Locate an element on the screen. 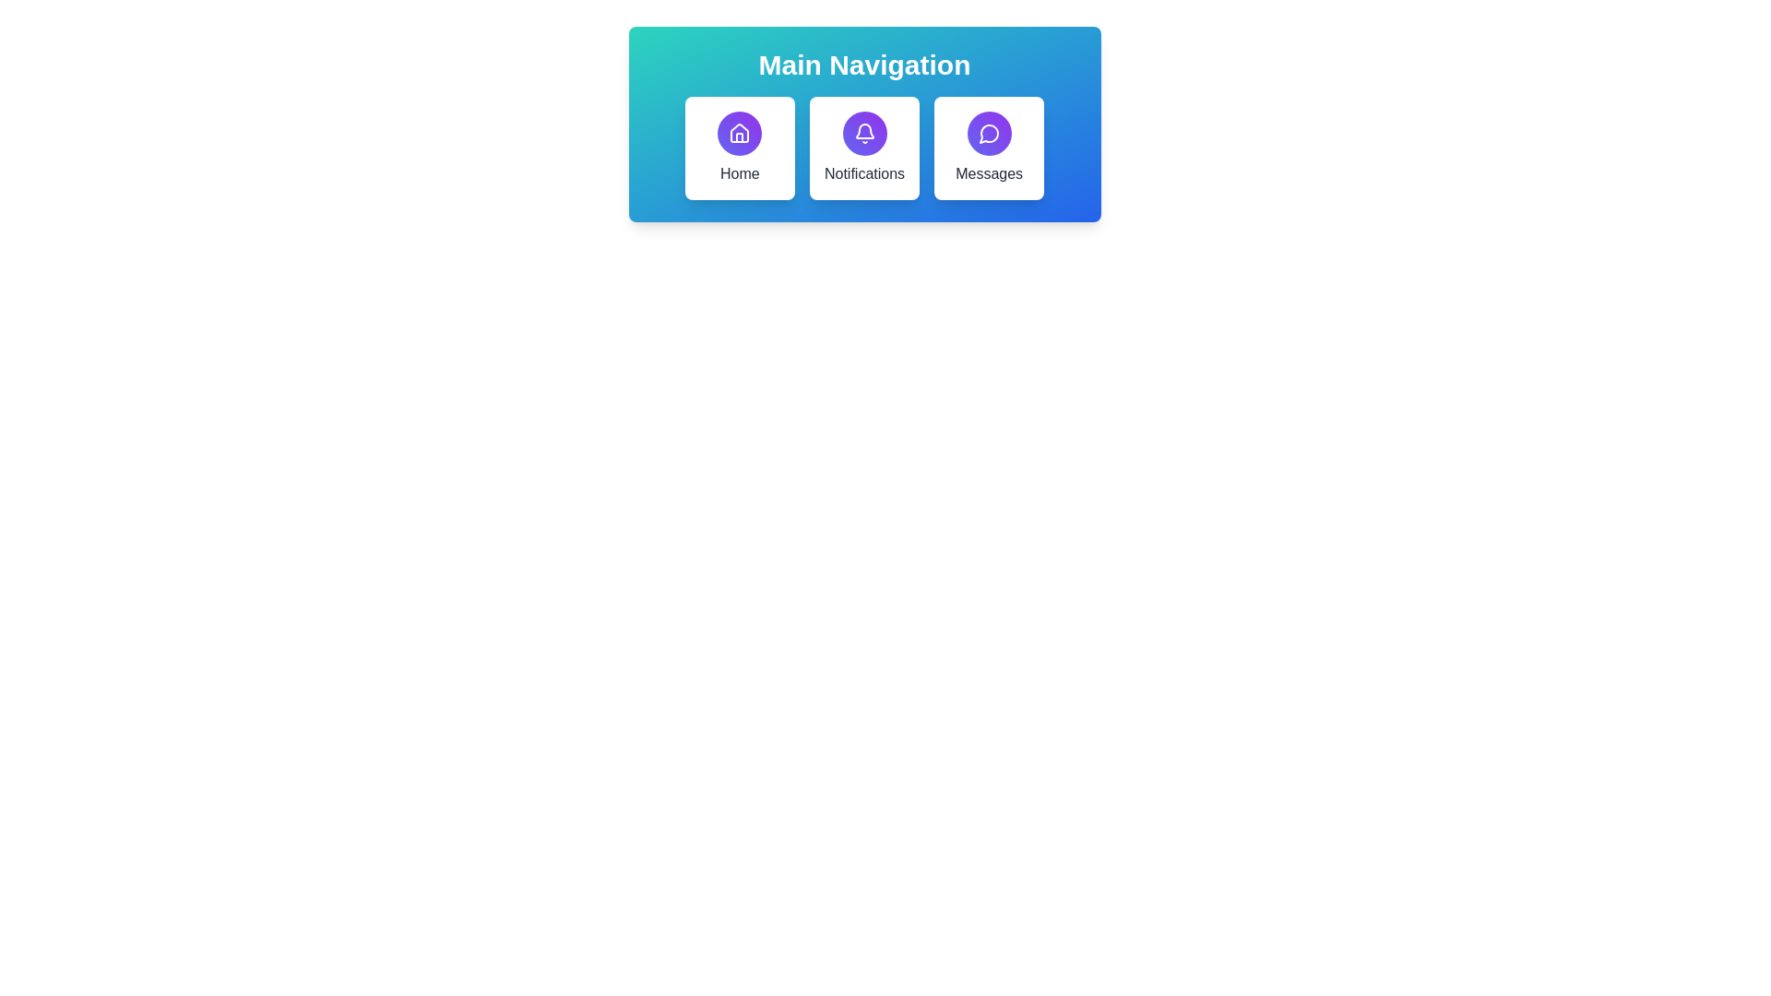 The height and width of the screenshot is (996, 1771). the circular purple speech bubble icon with a checkmark inside, which serves as the Messages button's navigation indicator is located at coordinates (988, 133).